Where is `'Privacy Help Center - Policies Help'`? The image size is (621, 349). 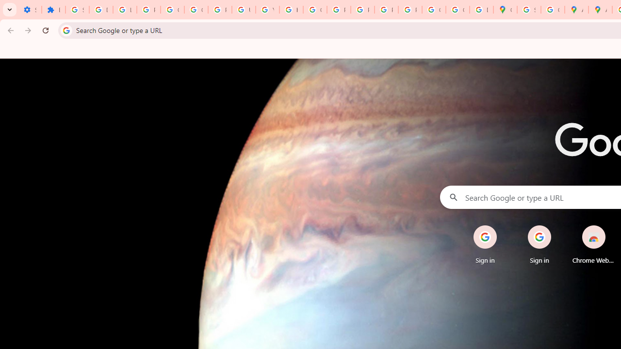 'Privacy Help Center - Policies Help' is located at coordinates (339, 10).